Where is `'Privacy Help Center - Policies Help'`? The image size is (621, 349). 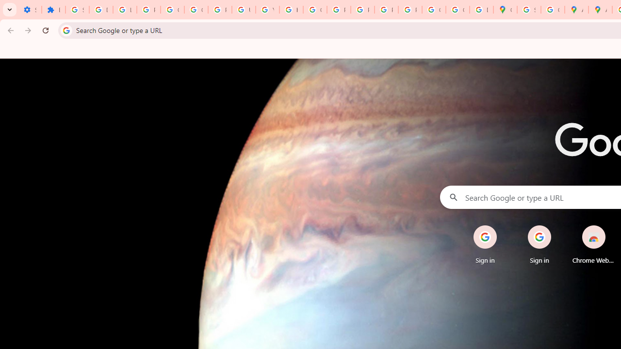 'Privacy Help Center - Policies Help' is located at coordinates (339, 10).